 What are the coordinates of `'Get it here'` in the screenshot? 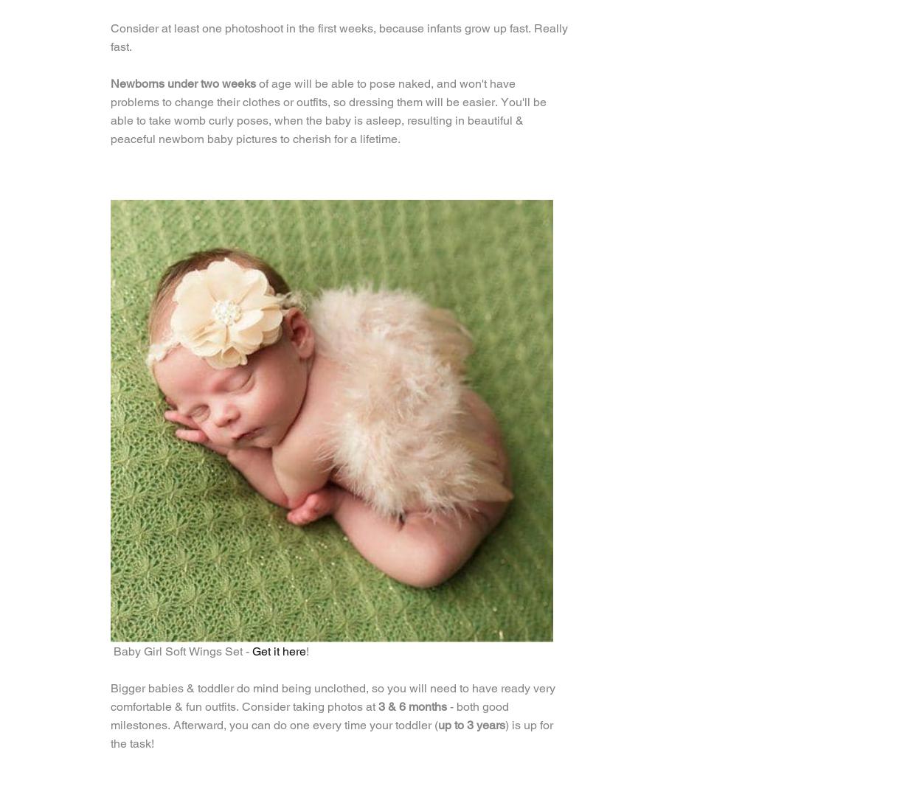 It's located at (279, 651).